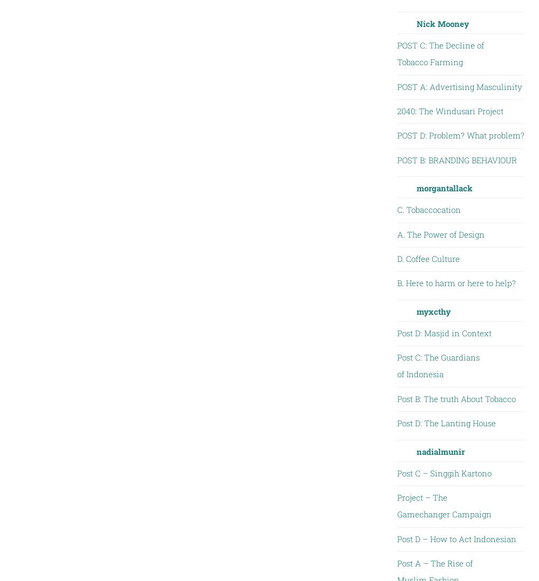 Image resolution: width=539 pixels, height=581 pixels. Describe the element at coordinates (439, 52) in the screenshot. I see `'POST C: The Decline of Tobacco Farming'` at that location.